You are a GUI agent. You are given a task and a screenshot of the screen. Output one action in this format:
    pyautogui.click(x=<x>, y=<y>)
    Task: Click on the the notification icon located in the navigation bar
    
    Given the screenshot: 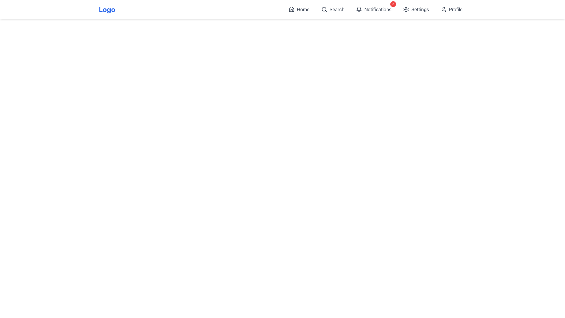 What is the action you would take?
    pyautogui.click(x=358, y=9)
    